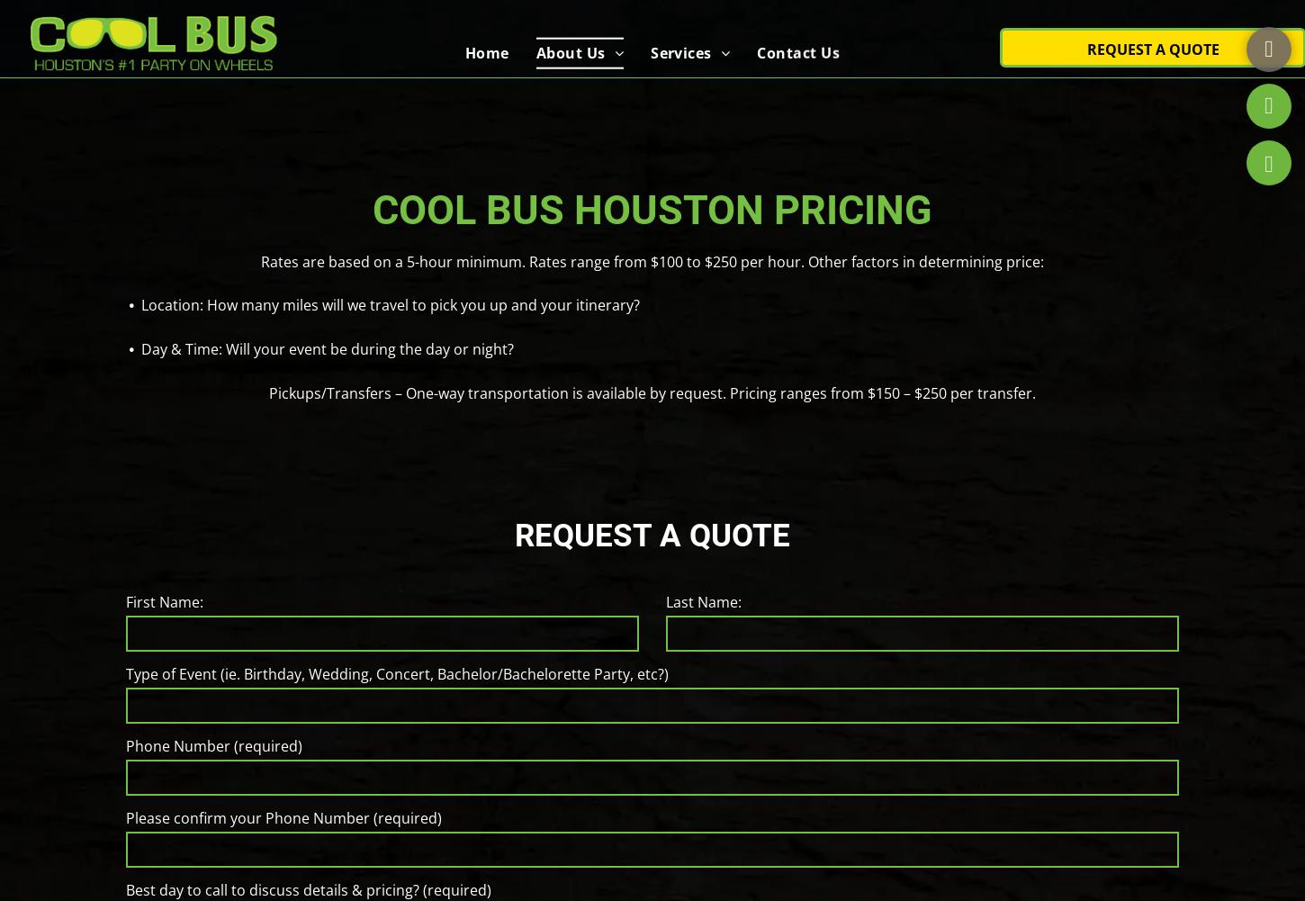 This screenshot has width=1305, height=901. Describe the element at coordinates (569, 42) in the screenshot. I see `'About Us'` at that location.